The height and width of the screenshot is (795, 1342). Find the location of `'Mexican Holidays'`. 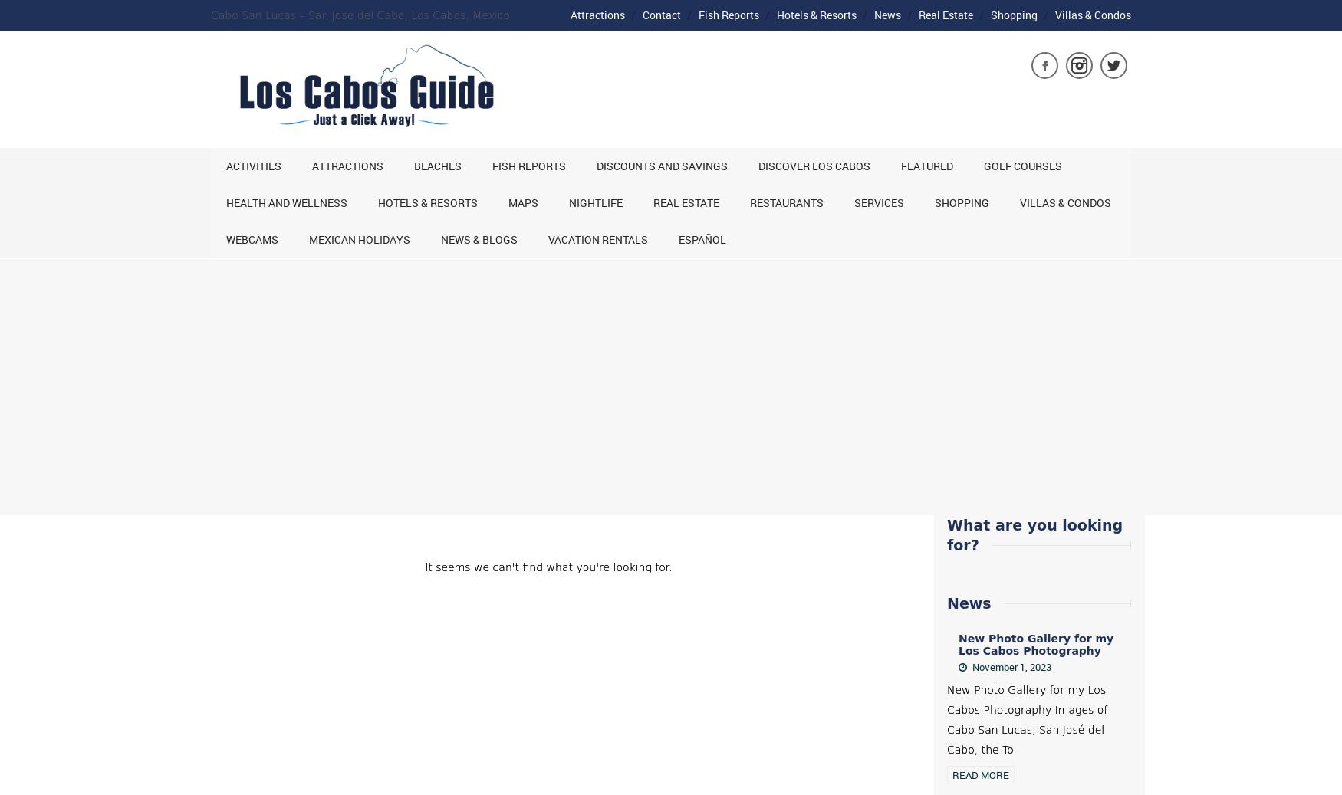

'Mexican Holidays' is located at coordinates (308, 238).